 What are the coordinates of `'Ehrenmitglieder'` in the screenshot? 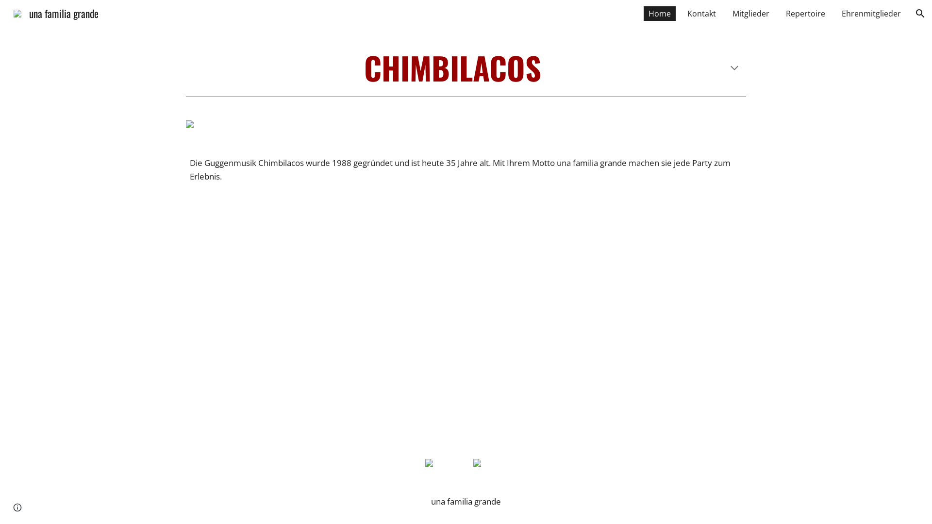 It's located at (836, 13).